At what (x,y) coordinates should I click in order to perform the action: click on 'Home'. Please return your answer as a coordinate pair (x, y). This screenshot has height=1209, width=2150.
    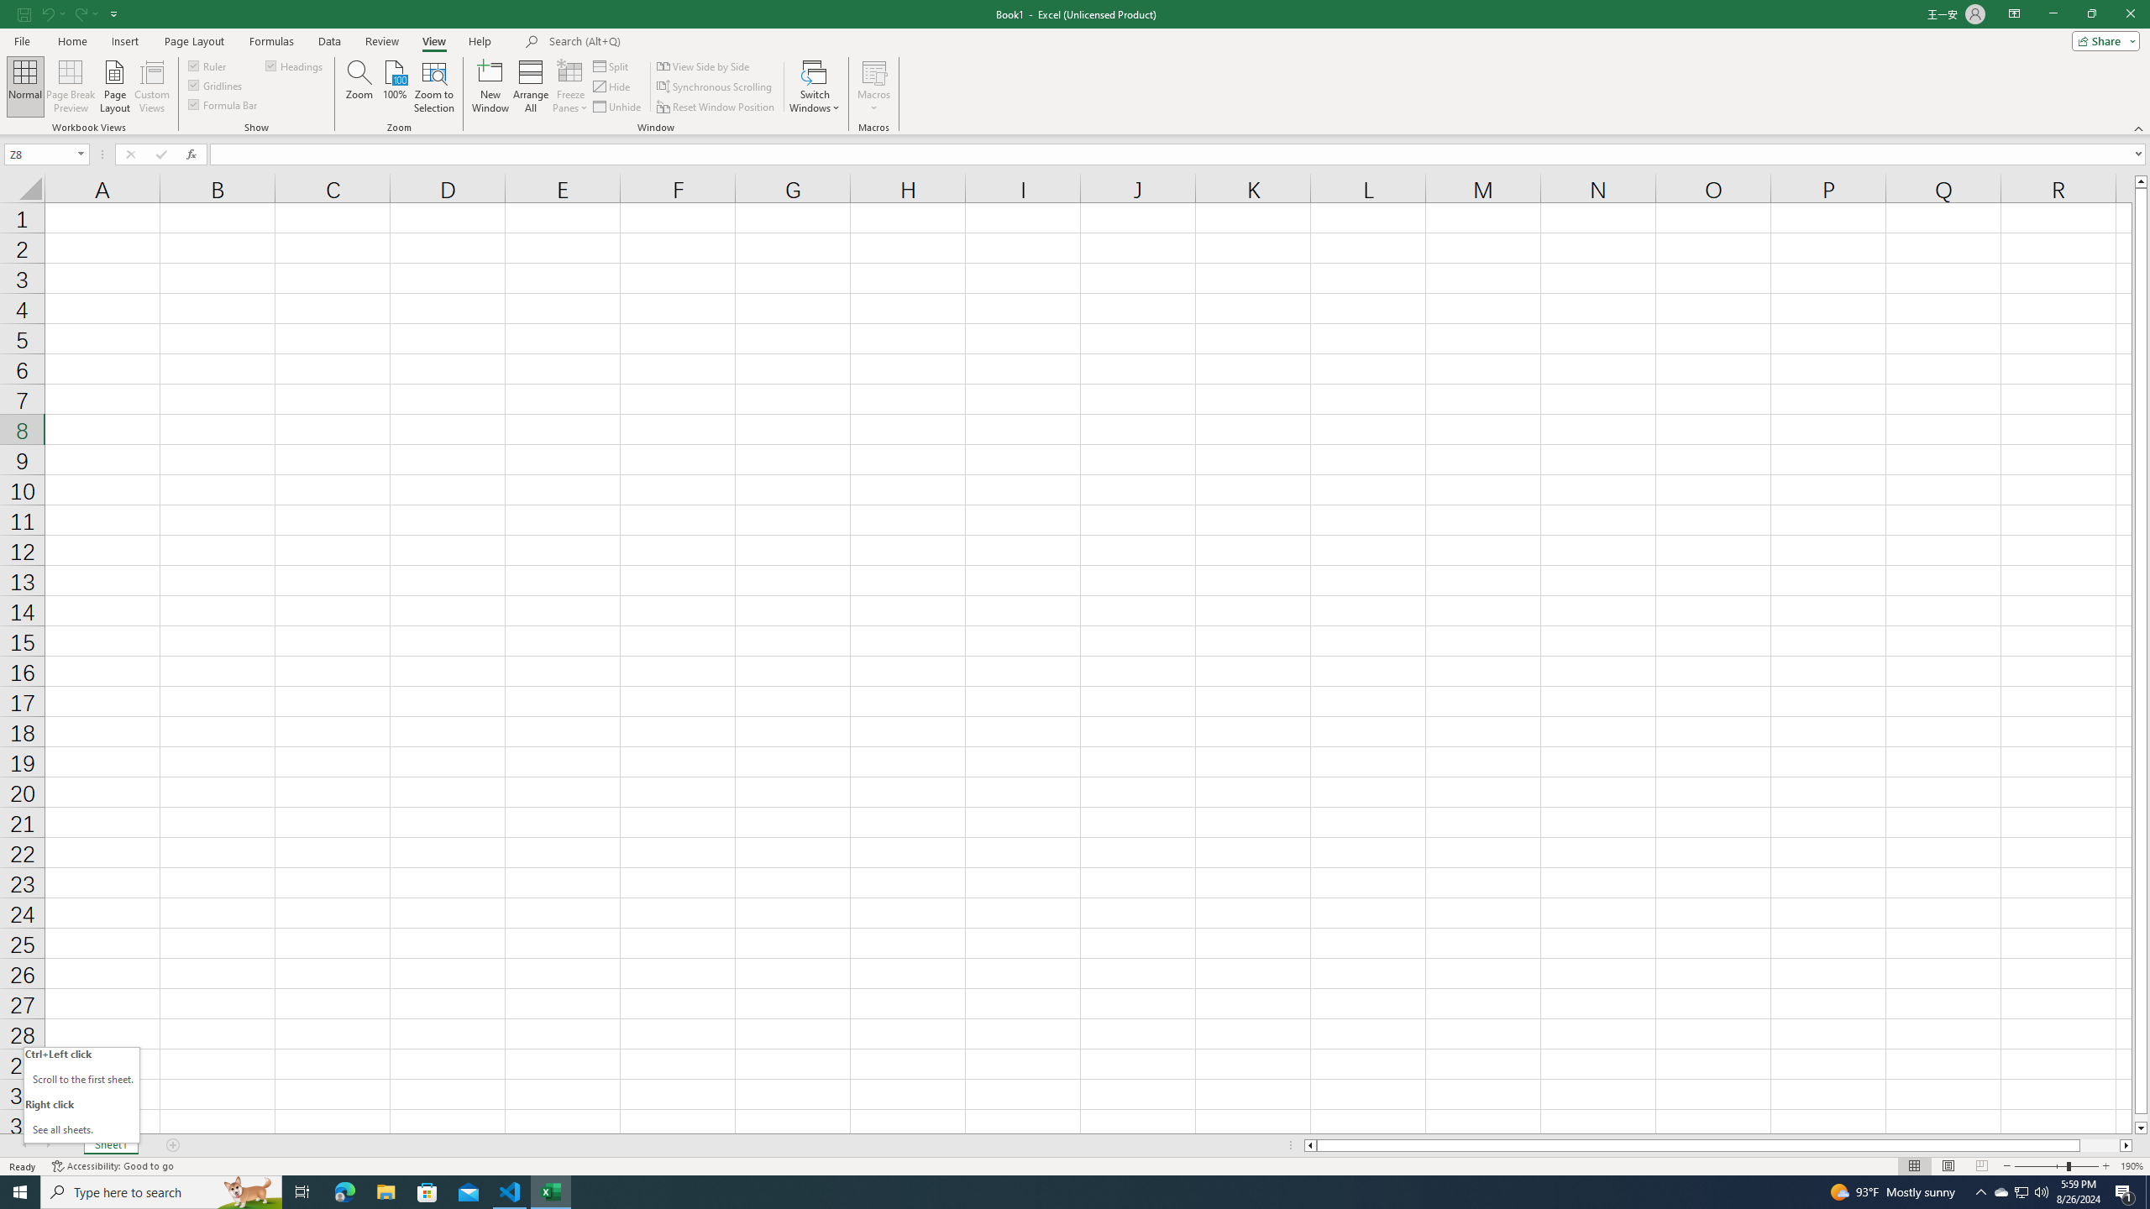
    Looking at the image, I should click on (71, 41).